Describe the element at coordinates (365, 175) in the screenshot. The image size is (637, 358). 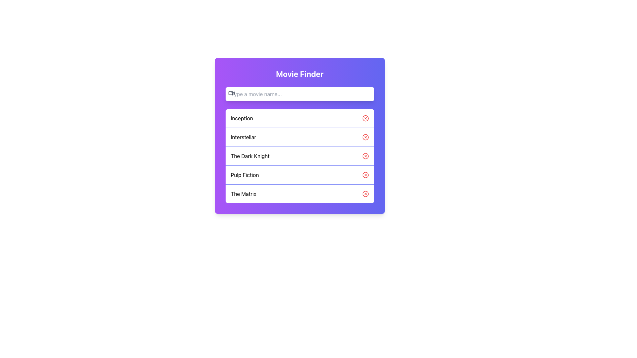
I see `the red circular dismiss icon located to the right of the 'Pulp Fiction' entry in the 'Movie Finder' dialog box` at that location.